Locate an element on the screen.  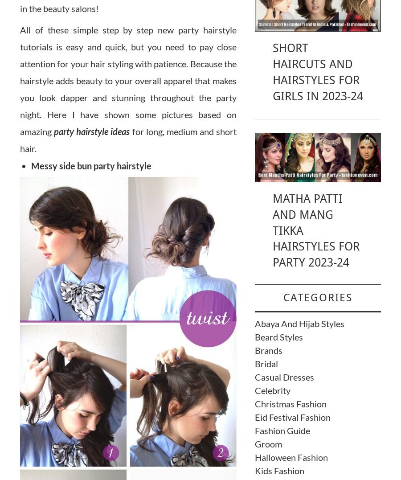
'Categories' is located at coordinates (317, 297).